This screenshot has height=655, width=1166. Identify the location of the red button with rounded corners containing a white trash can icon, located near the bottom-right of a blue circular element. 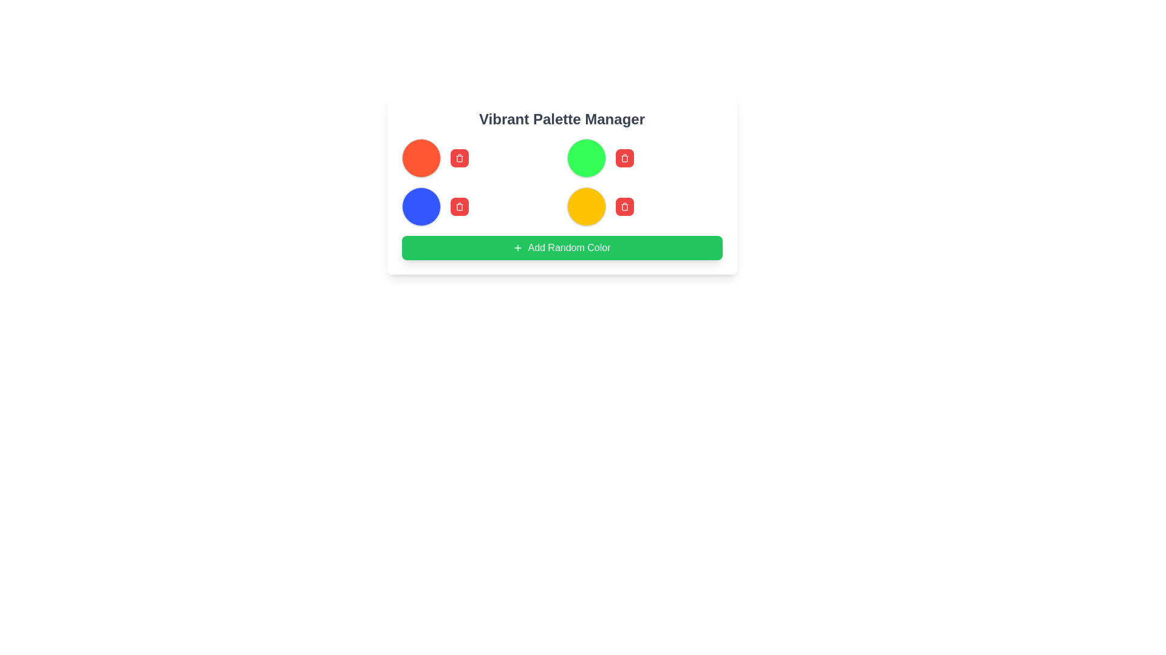
(459, 206).